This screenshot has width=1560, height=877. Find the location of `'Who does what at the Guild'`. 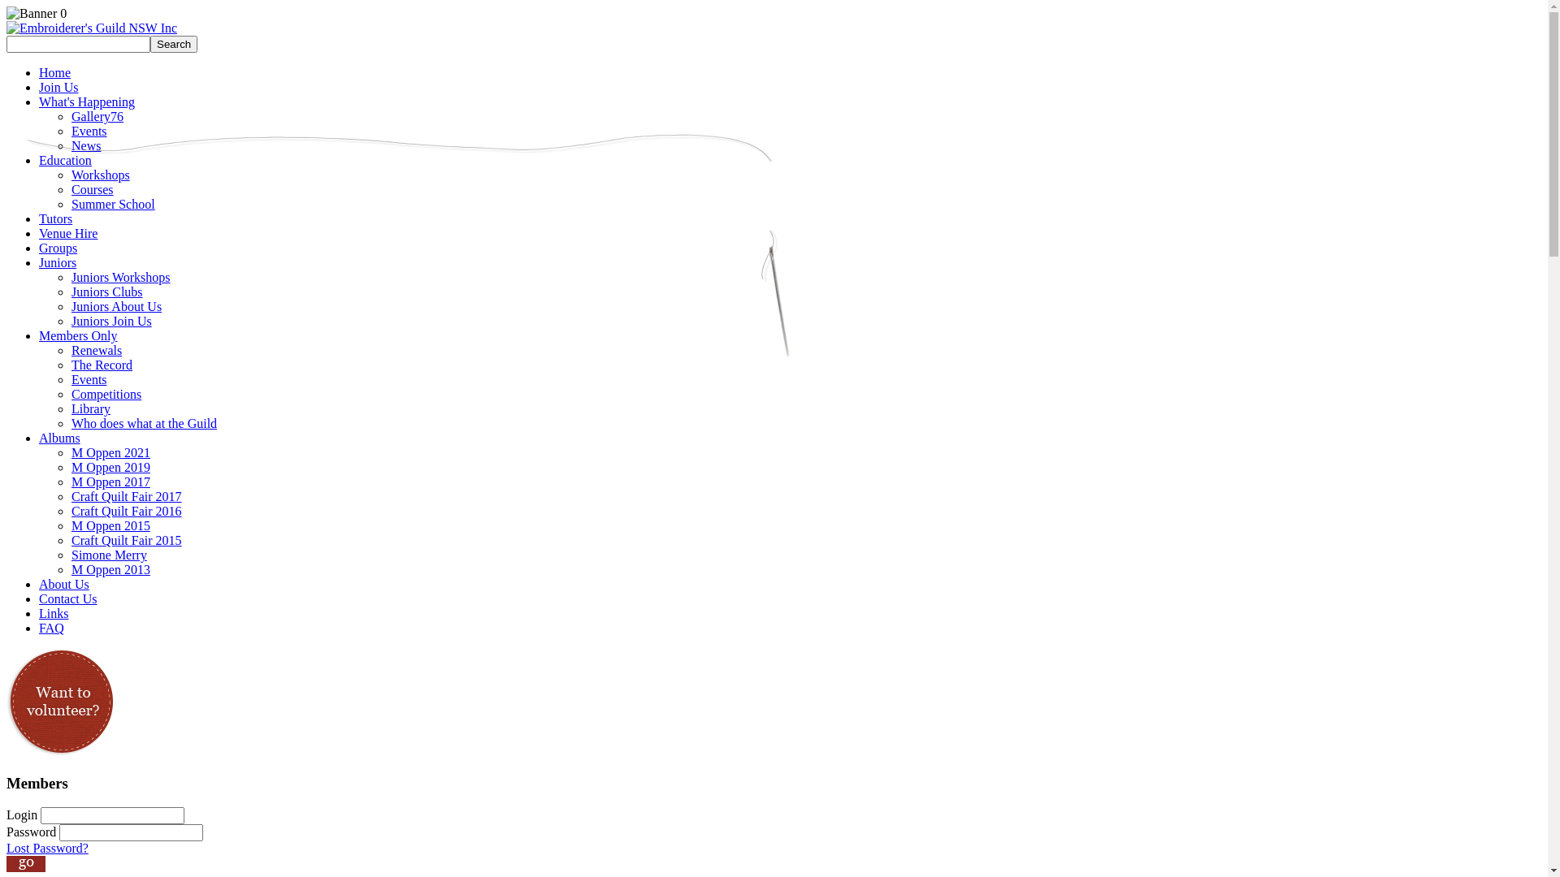

'Who does what at the Guild' is located at coordinates (144, 422).